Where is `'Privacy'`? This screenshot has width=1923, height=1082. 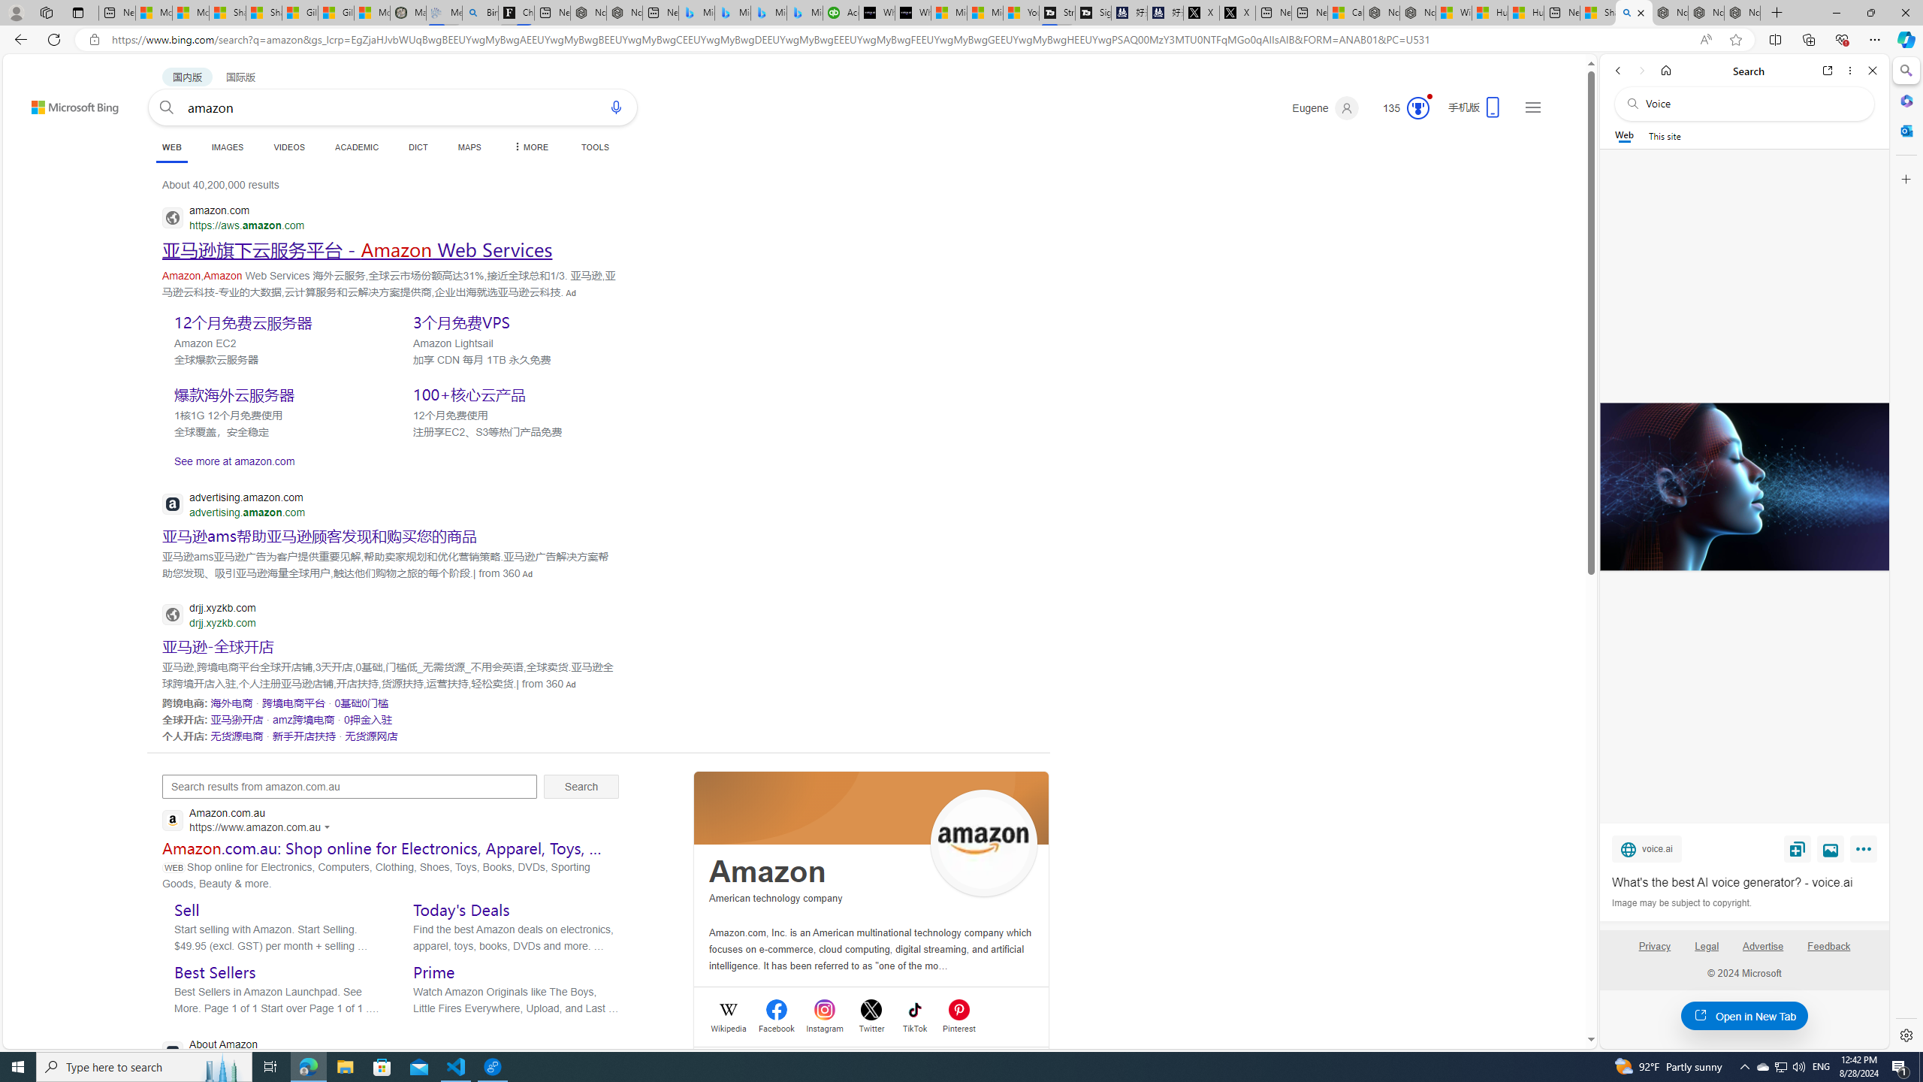 'Privacy' is located at coordinates (1653, 952).